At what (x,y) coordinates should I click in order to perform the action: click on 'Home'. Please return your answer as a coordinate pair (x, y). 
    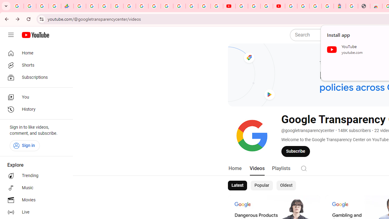
    Looking at the image, I should click on (235, 168).